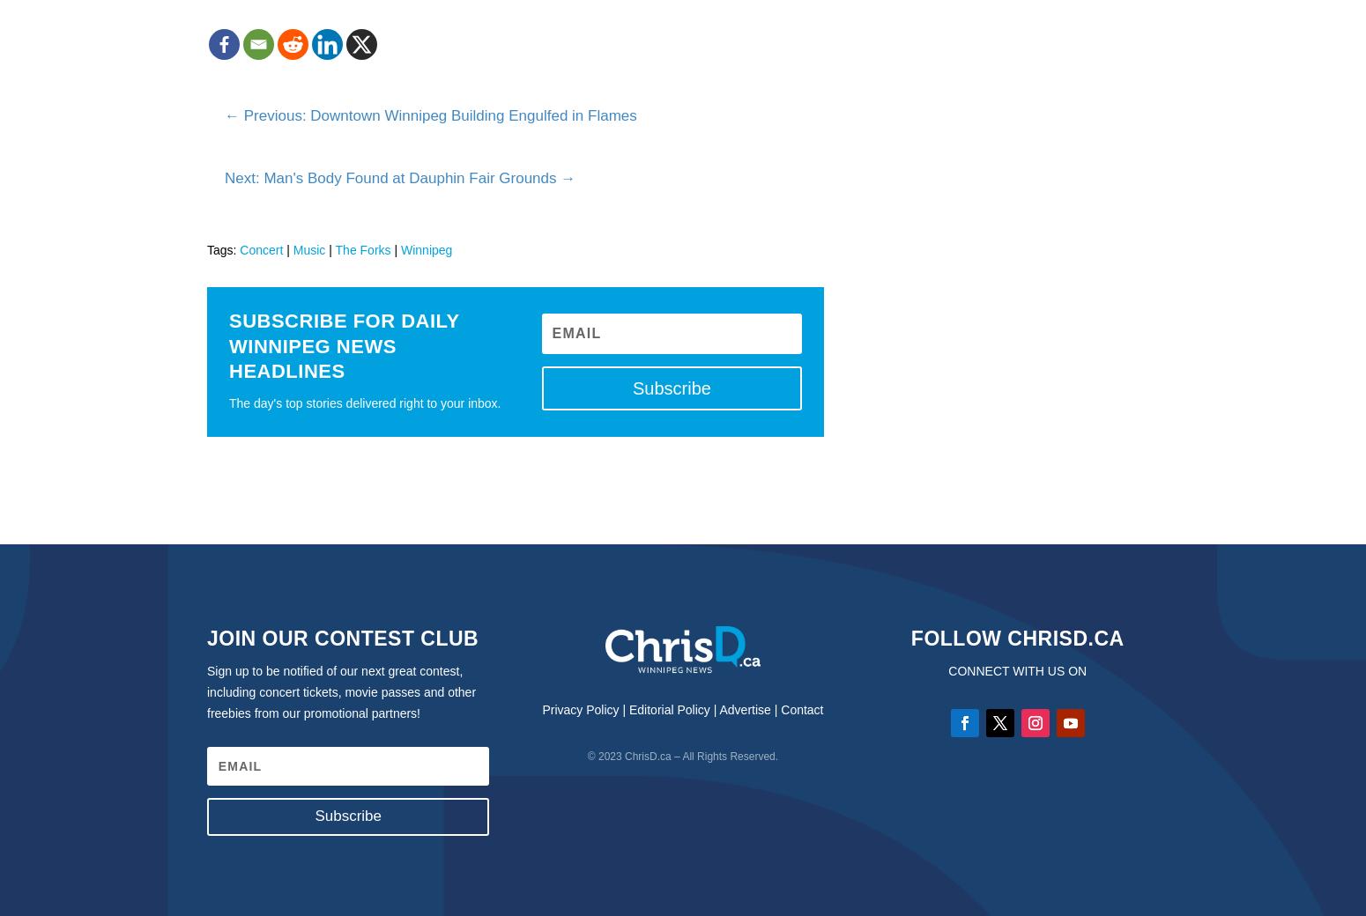 This screenshot has width=1366, height=916. Describe the element at coordinates (438, 113) in the screenshot. I see `'Previous: Downtown Winnipeg Building Engulfed in Flames'` at that location.